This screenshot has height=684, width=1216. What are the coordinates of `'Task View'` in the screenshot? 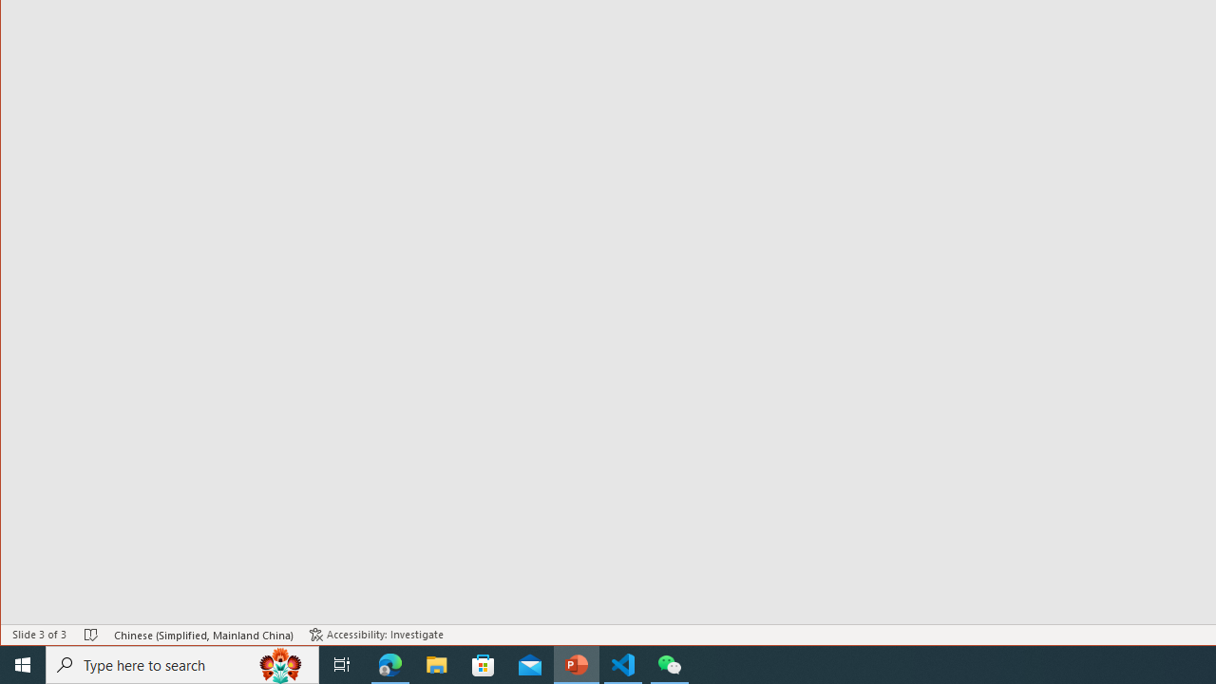 It's located at (341, 663).